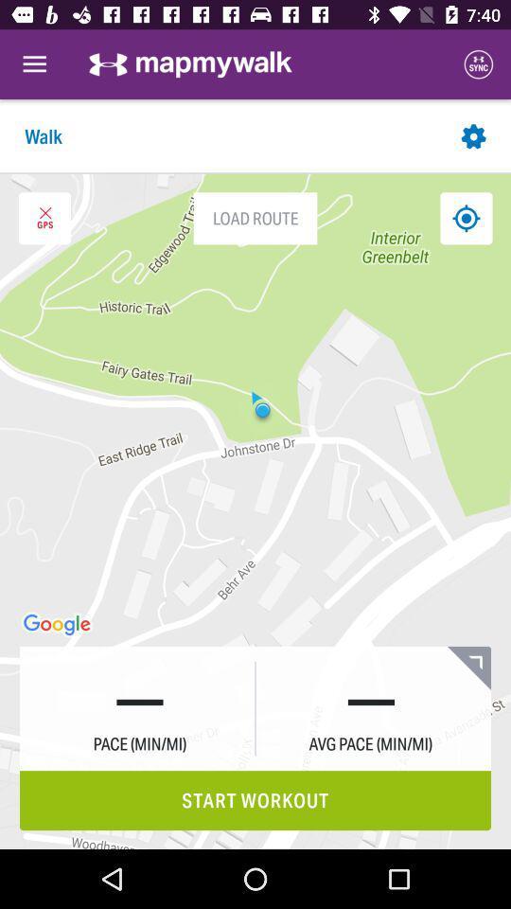  What do you see at coordinates (467, 668) in the screenshot?
I see `the icon above start workout icon` at bounding box center [467, 668].